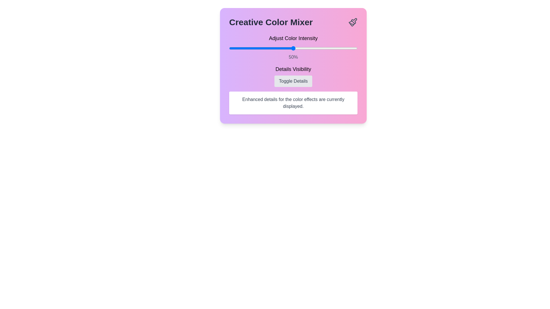  I want to click on the color intensity, so click(262, 48).